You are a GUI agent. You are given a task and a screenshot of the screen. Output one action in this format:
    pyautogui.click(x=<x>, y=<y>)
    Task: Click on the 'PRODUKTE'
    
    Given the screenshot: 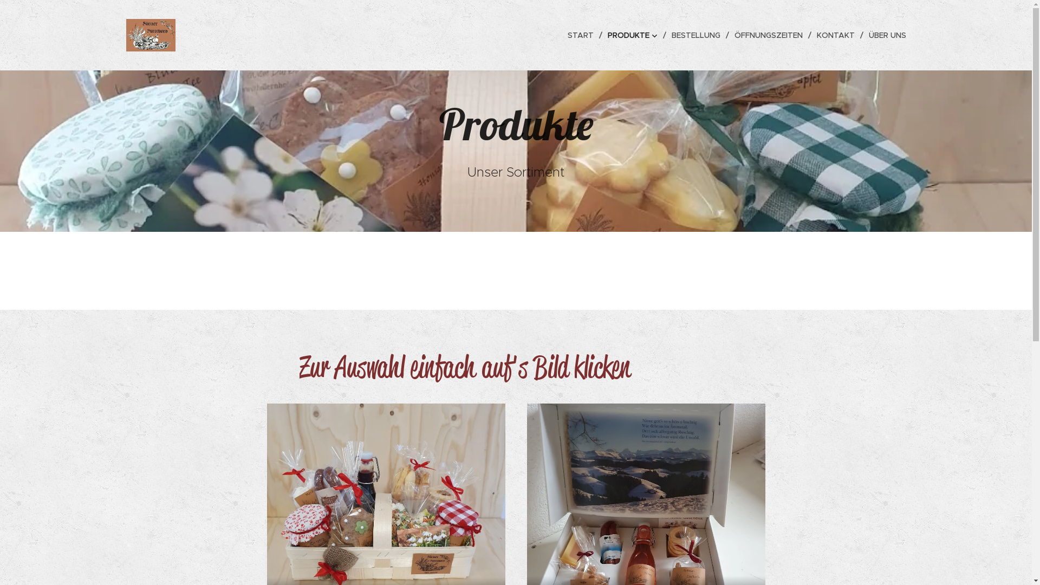 What is the action you would take?
    pyautogui.click(x=602, y=35)
    